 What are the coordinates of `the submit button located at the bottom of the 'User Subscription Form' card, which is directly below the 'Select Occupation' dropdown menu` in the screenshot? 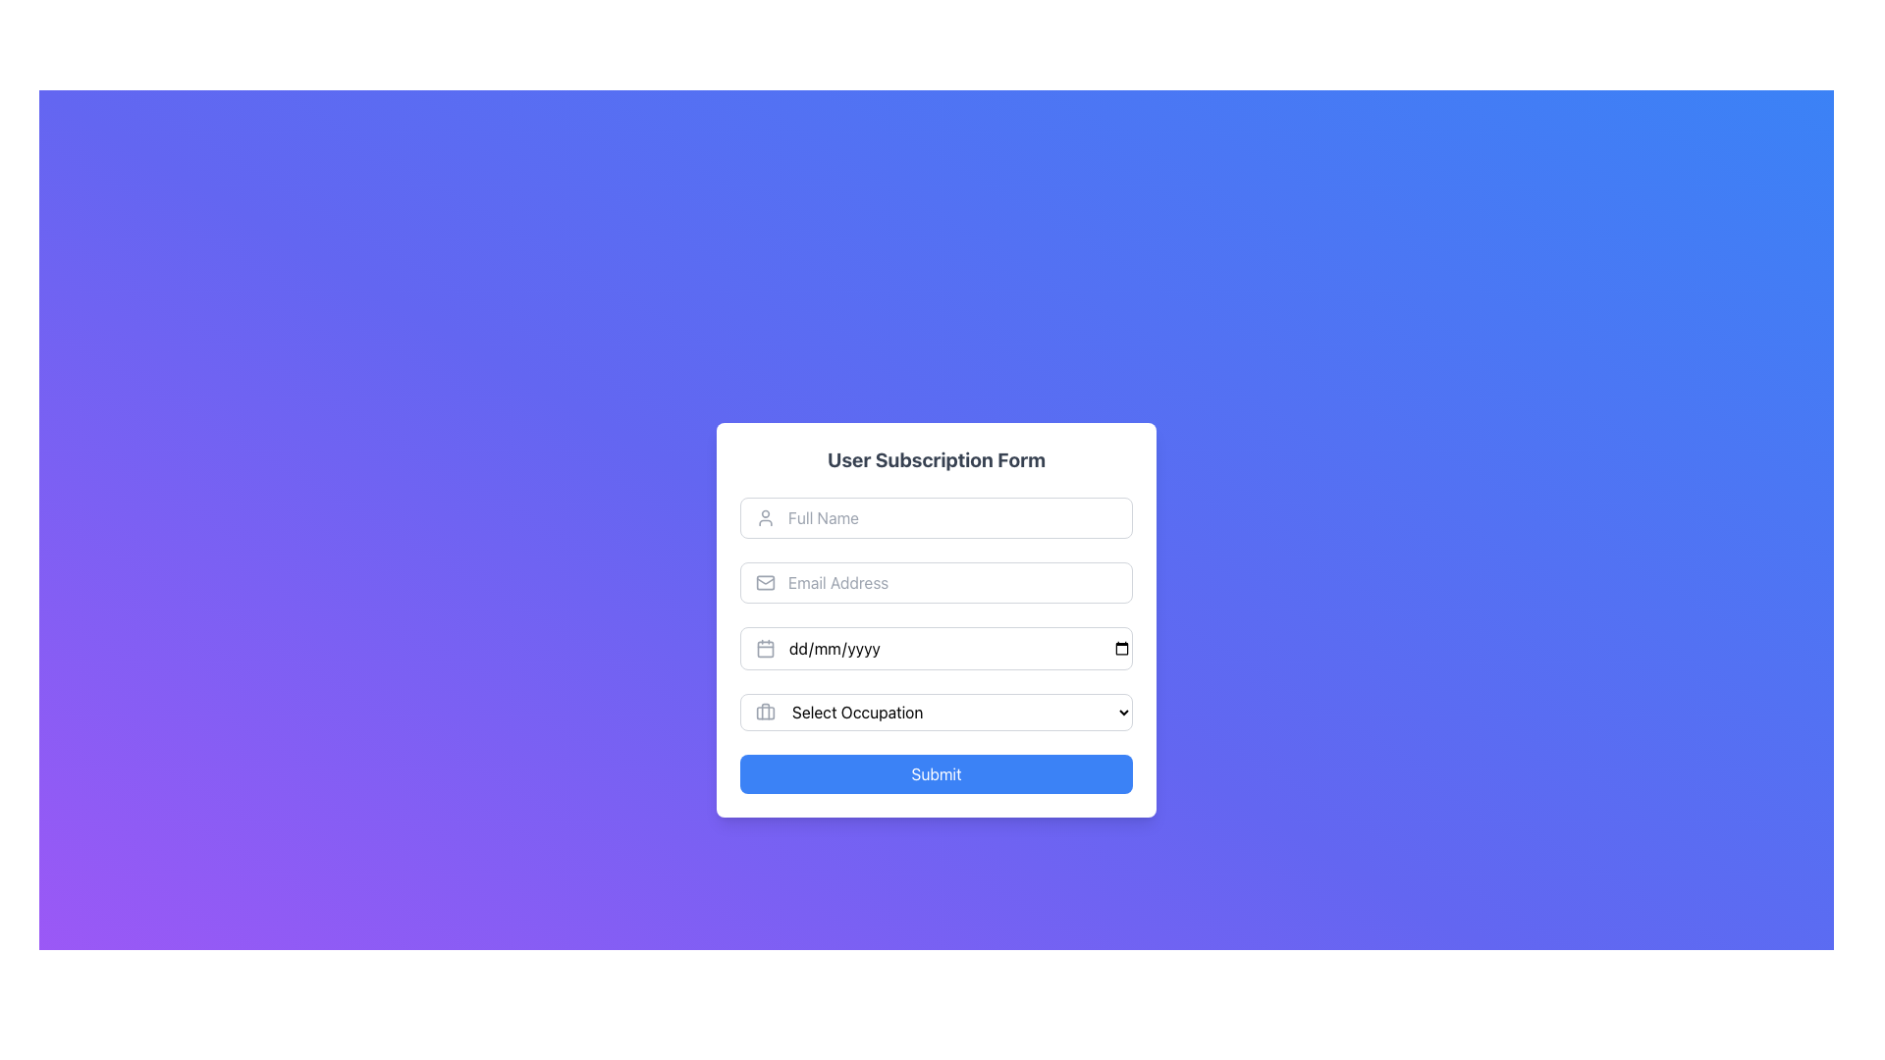 It's located at (936, 773).